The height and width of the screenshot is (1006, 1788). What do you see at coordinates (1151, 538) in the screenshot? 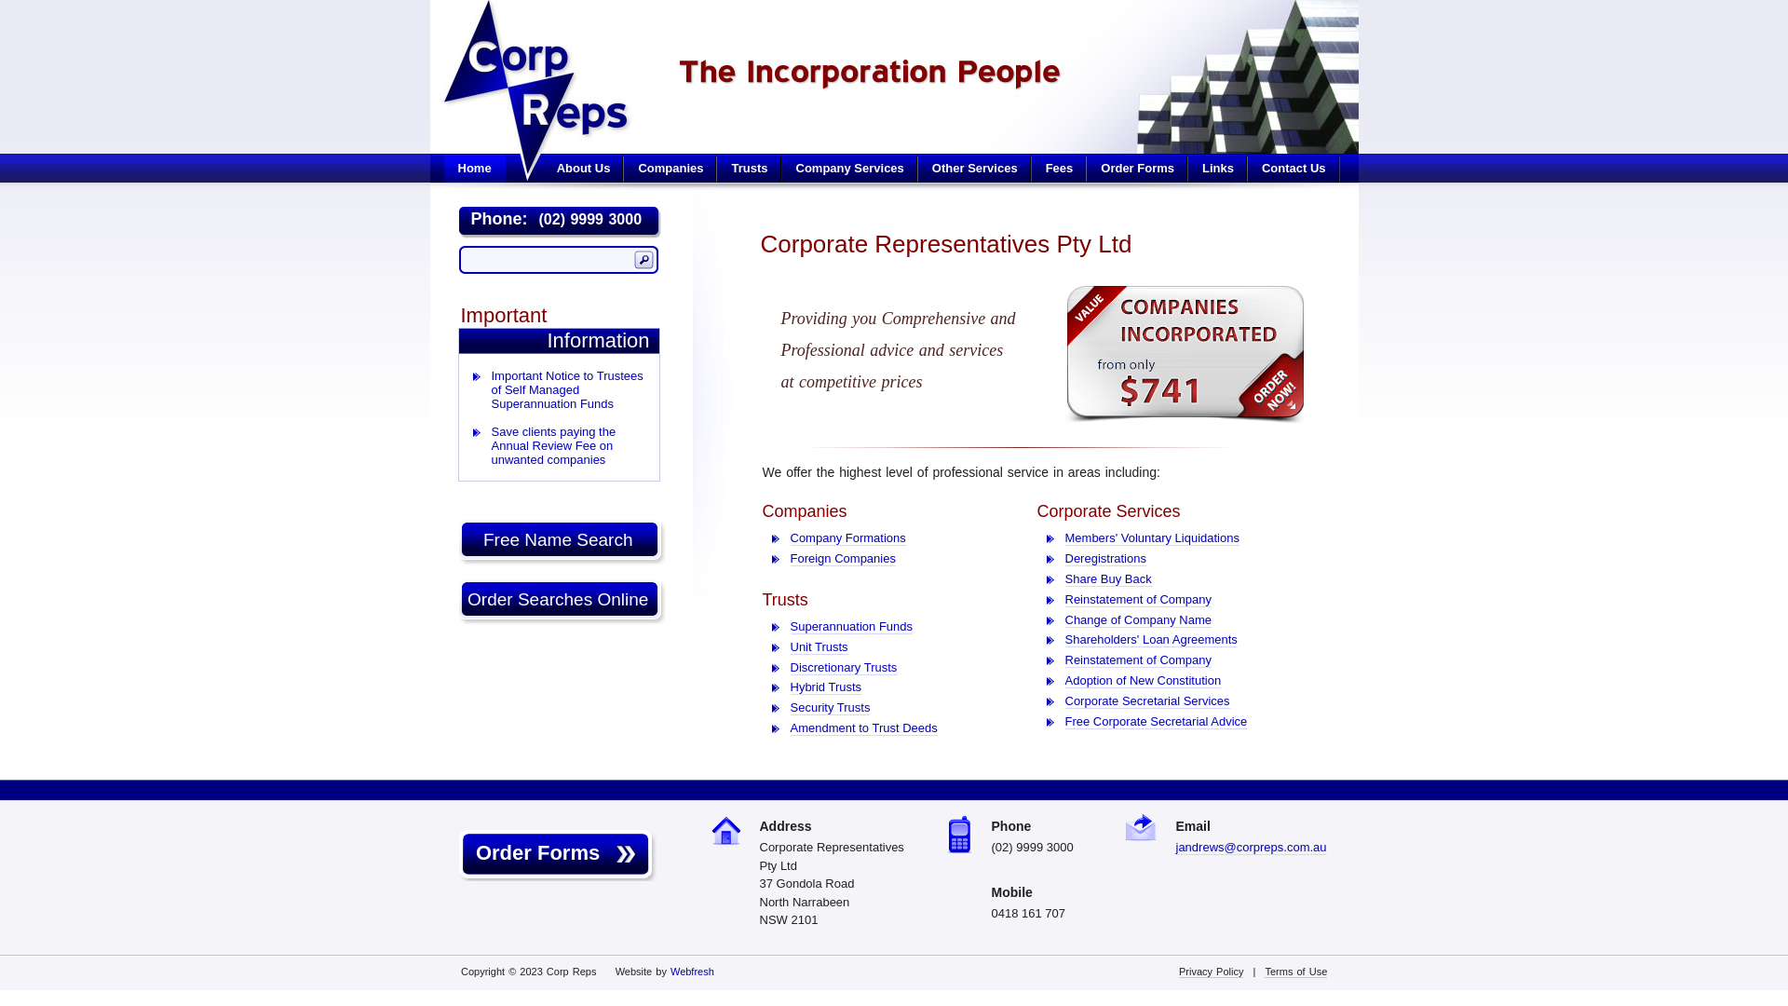
I see `'Members' Voluntary Liquidations'` at bounding box center [1151, 538].